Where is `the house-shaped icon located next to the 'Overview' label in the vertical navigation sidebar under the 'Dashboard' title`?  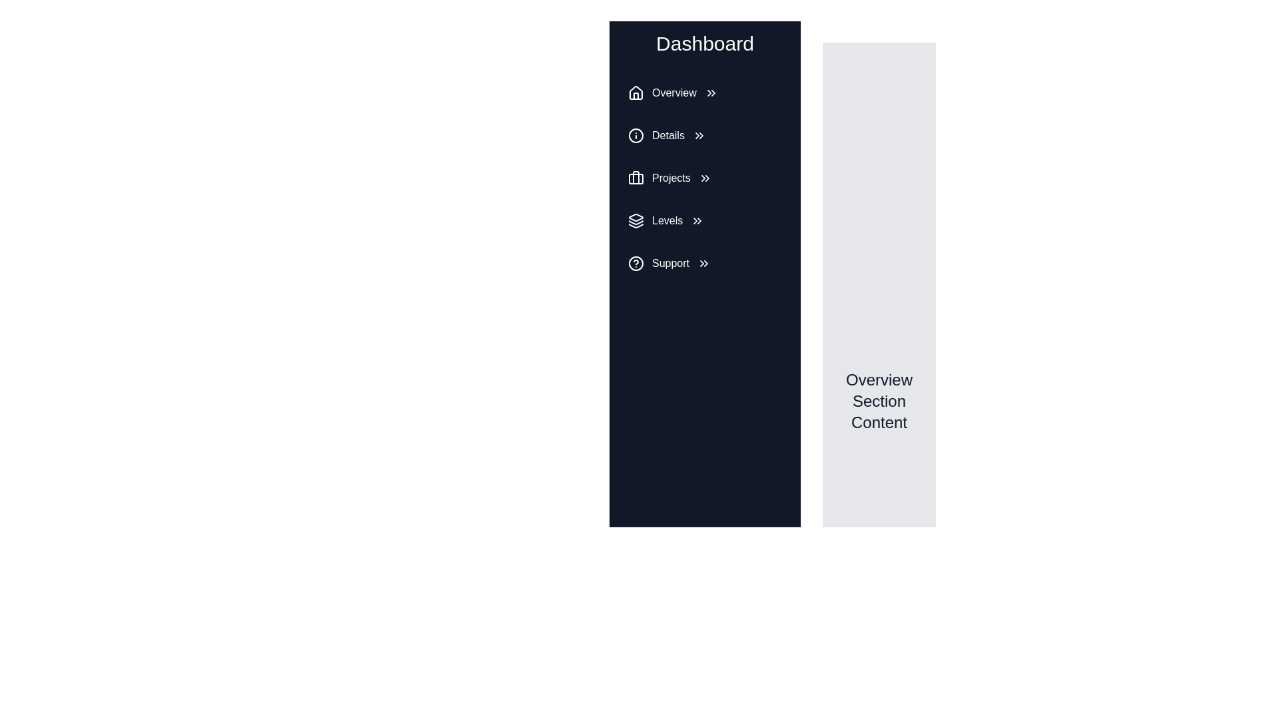
the house-shaped icon located next to the 'Overview' label in the vertical navigation sidebar under the 'Dashboard' title is located at coordinates (636, 91).